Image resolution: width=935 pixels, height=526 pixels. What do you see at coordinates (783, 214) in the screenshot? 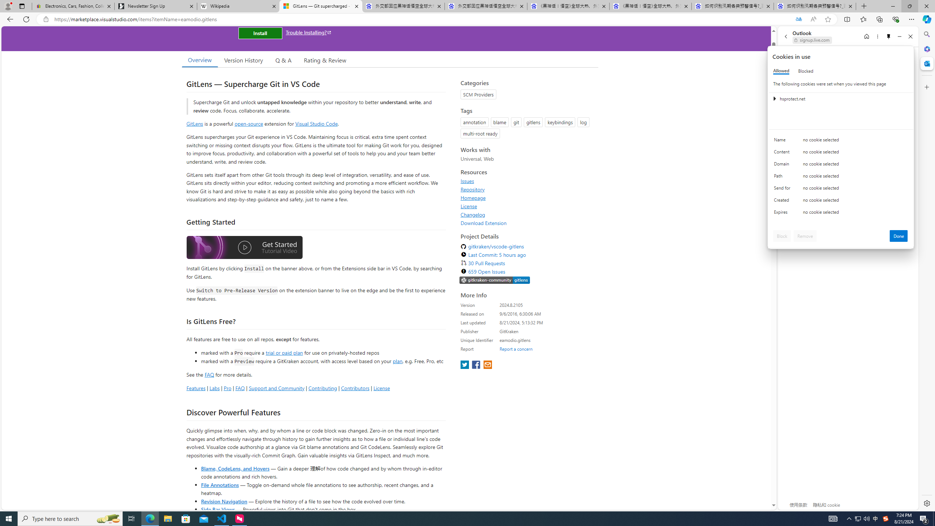
I see `'Expires'` at bounding box center [783, 214].